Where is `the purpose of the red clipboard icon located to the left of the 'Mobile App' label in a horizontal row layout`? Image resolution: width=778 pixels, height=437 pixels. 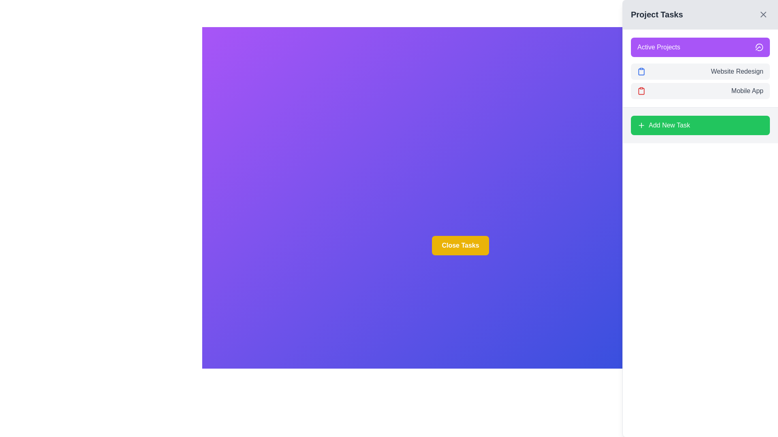
the purpose of the red clipboard icon located to the left of the 'Mobile App' label in a horizontal row layout is located at coordinates (641, 91).